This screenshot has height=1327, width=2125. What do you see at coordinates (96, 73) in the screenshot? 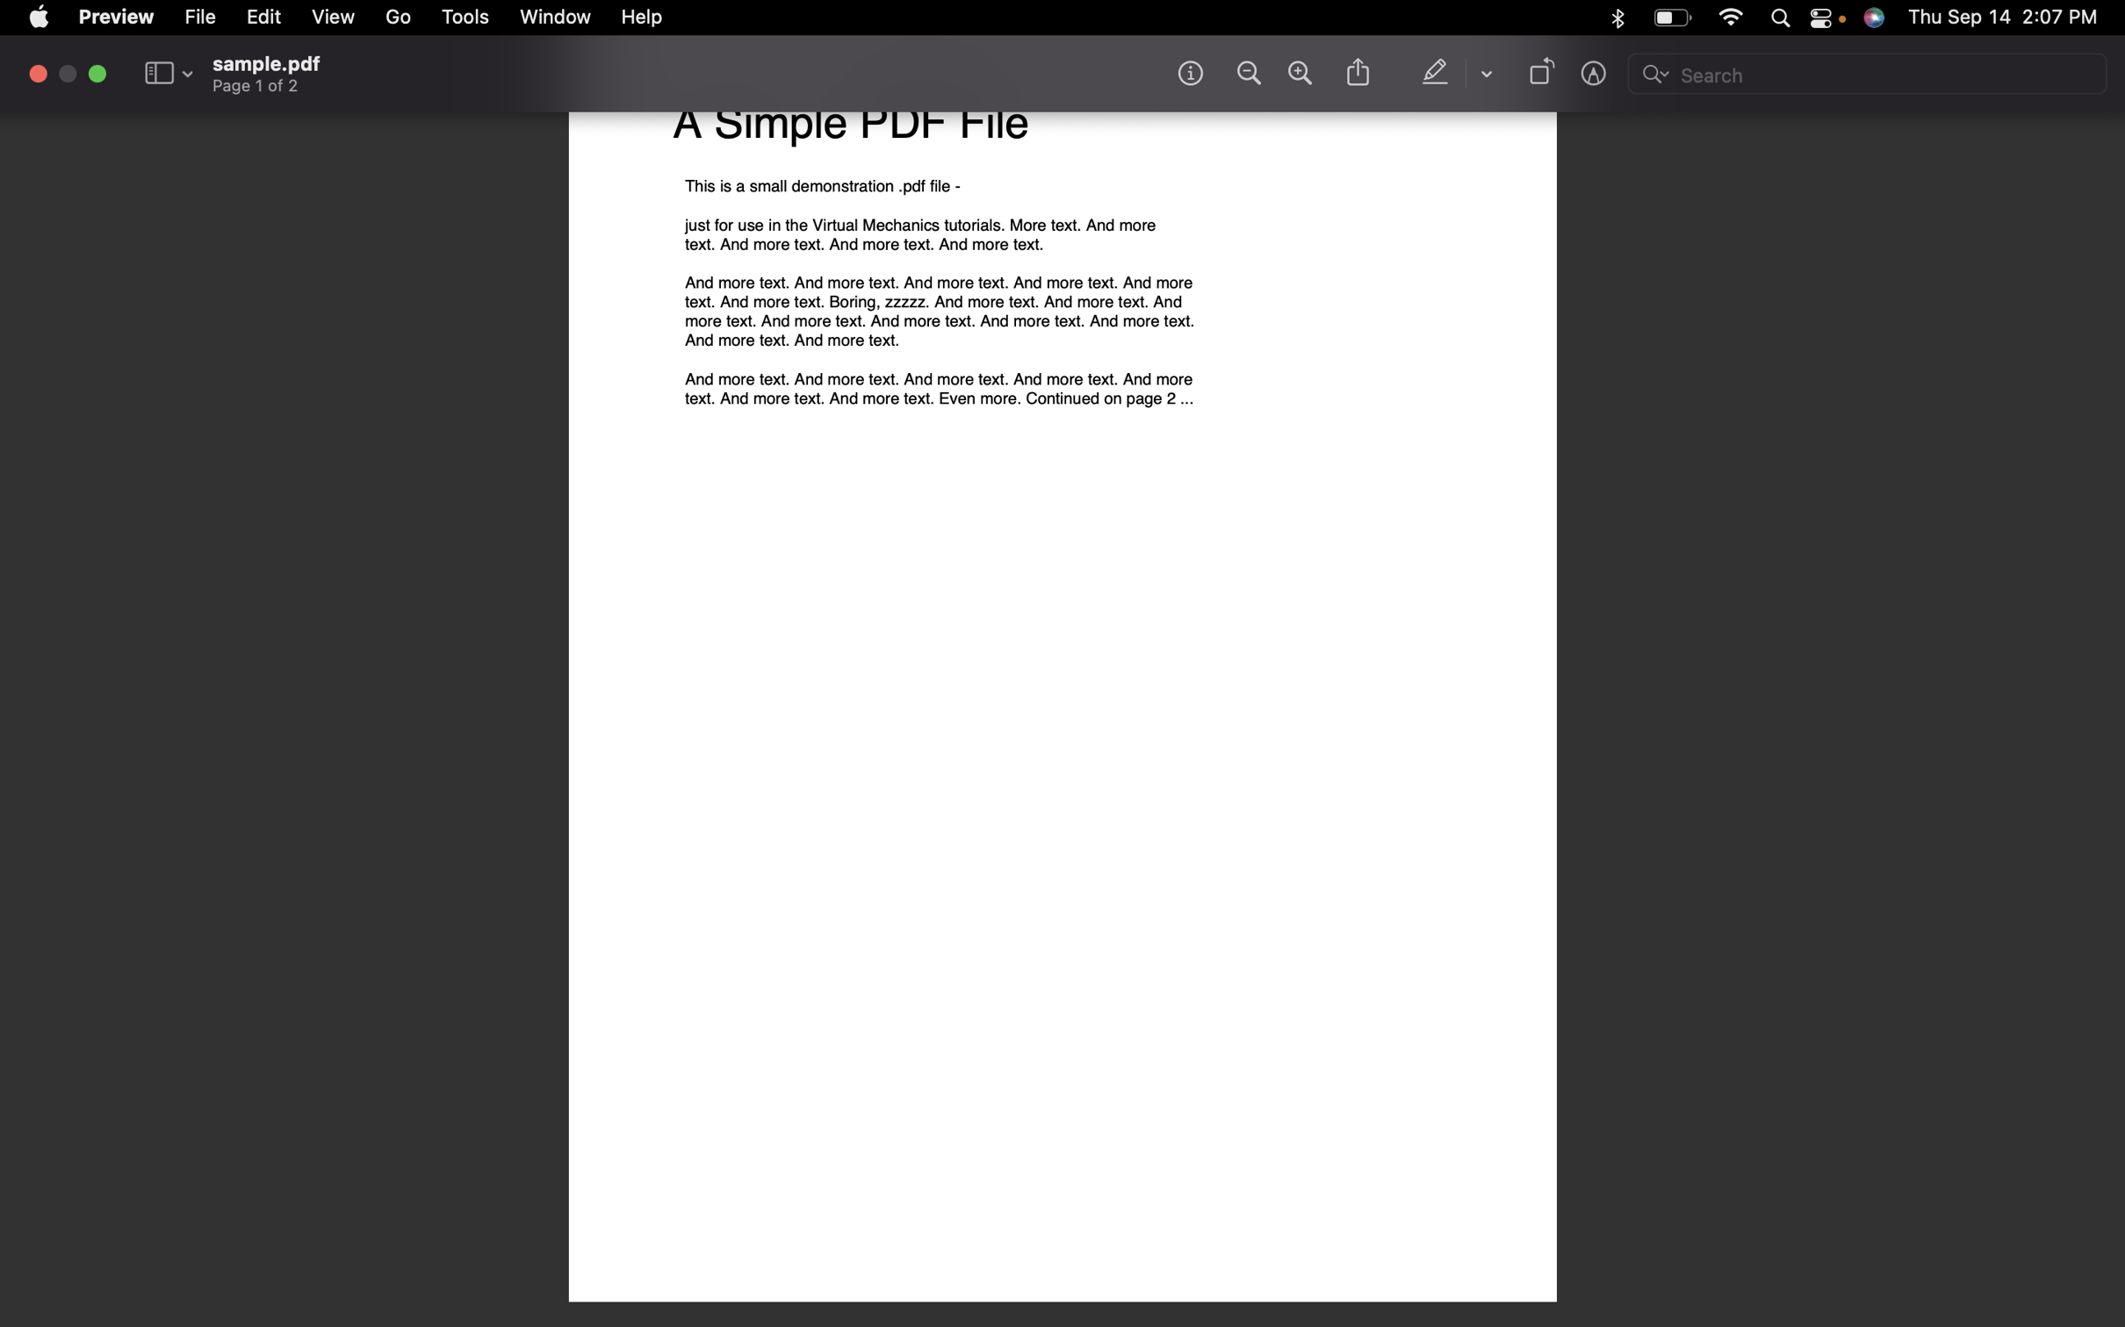
I see `fullscreen display` at bounding box center [96, 73].